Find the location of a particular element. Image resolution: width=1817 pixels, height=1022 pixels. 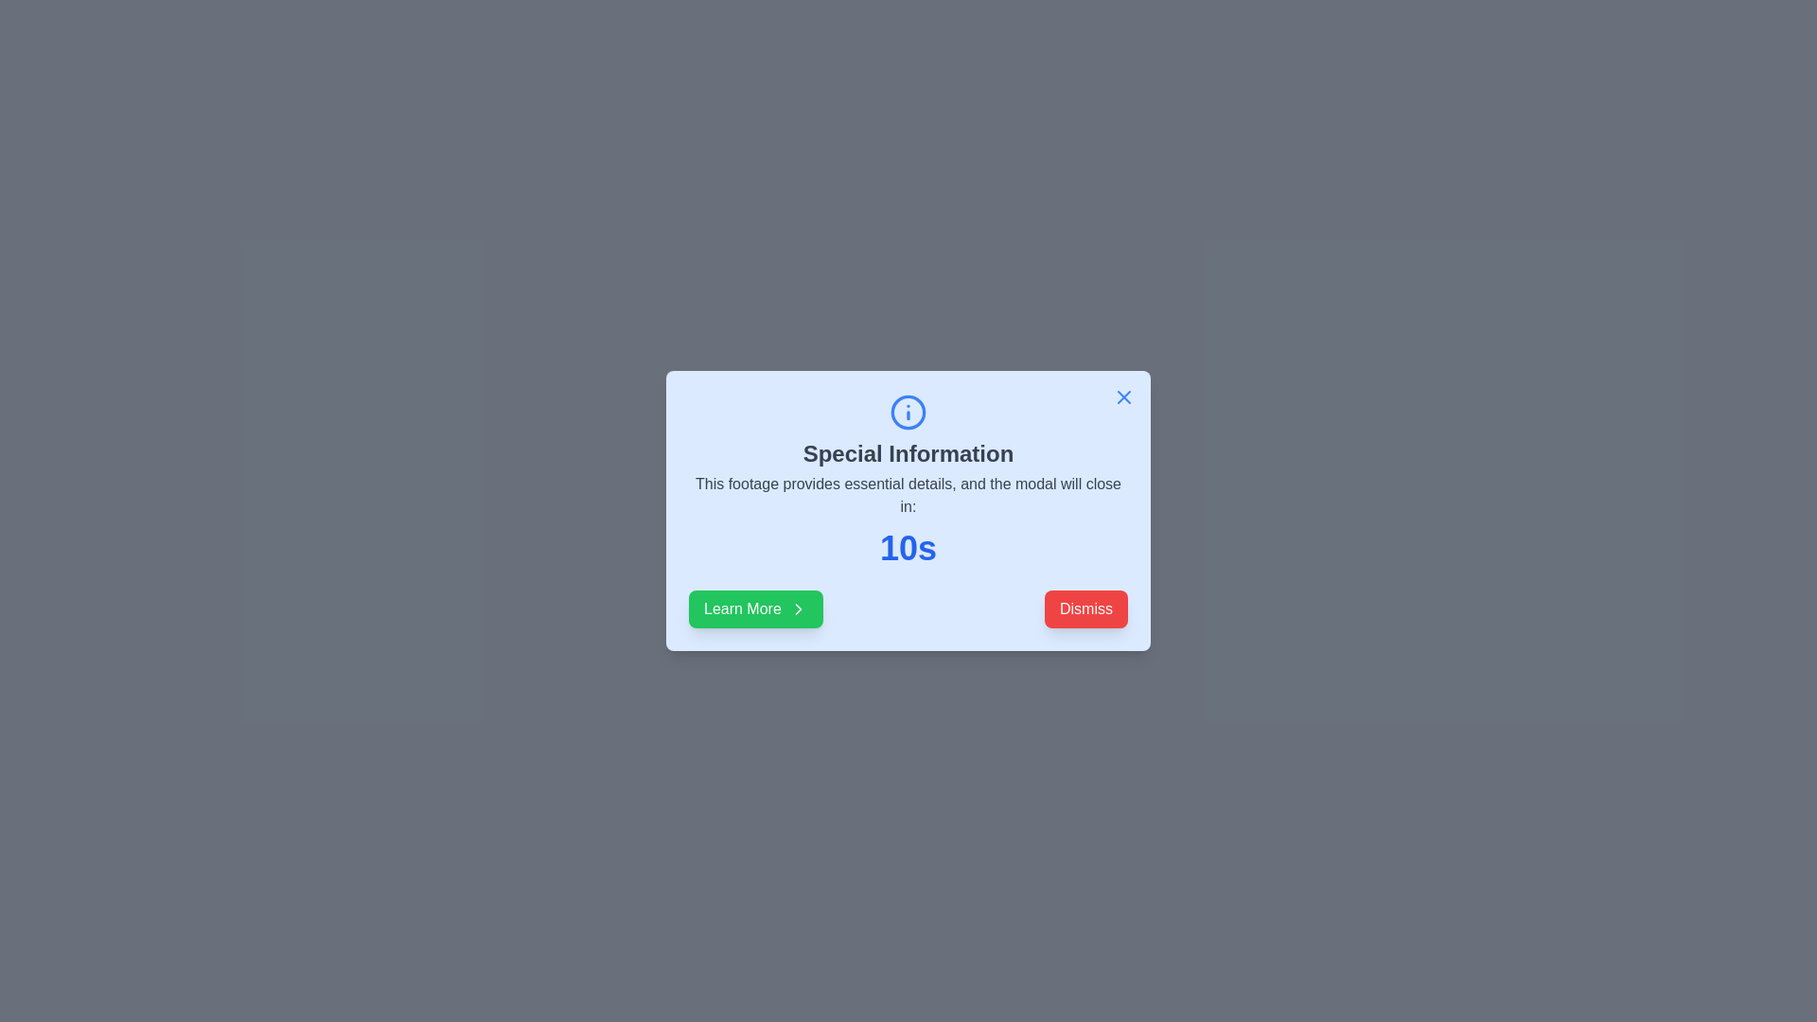

the circular outline of the information icon located at the top of the modal dialog box is located at coordinates (908, 411).